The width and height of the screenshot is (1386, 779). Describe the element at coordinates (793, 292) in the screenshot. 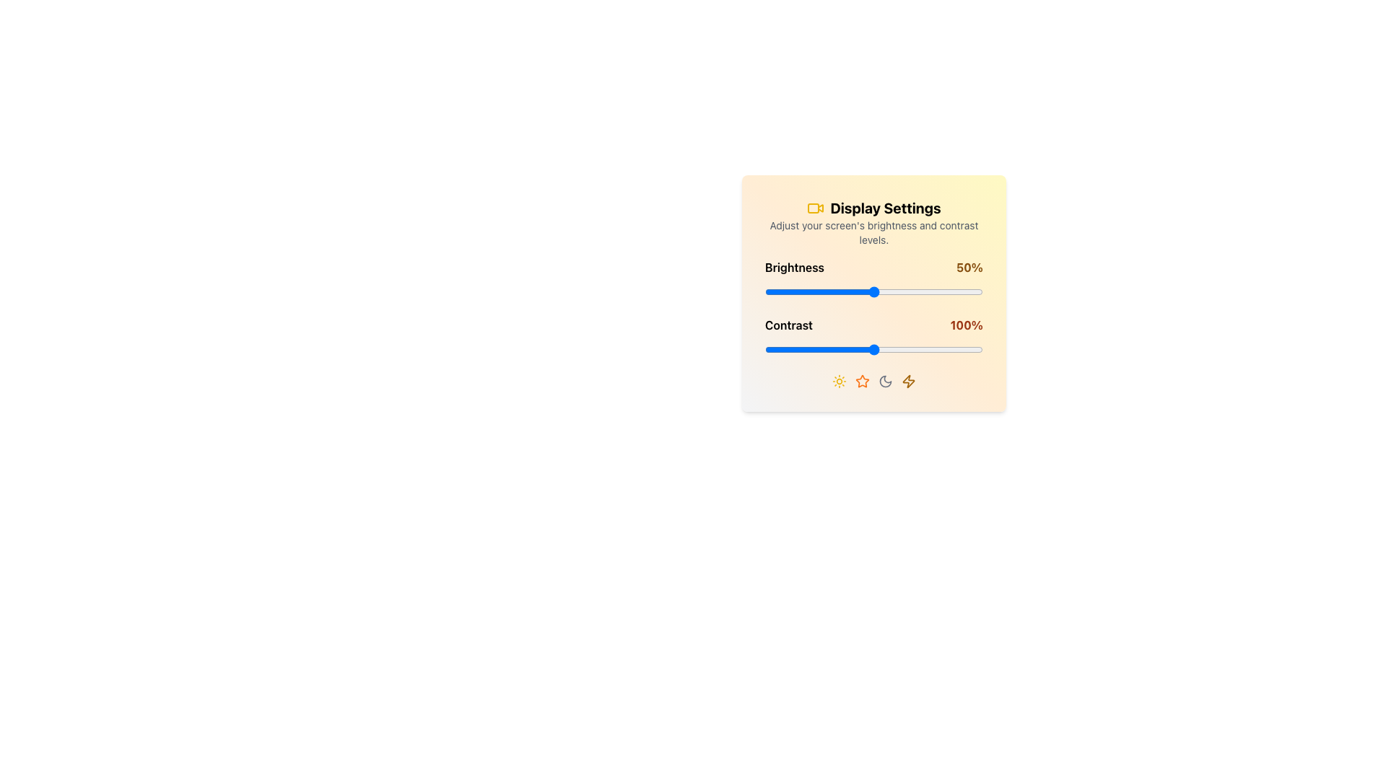

I see `the brightness` at that location.